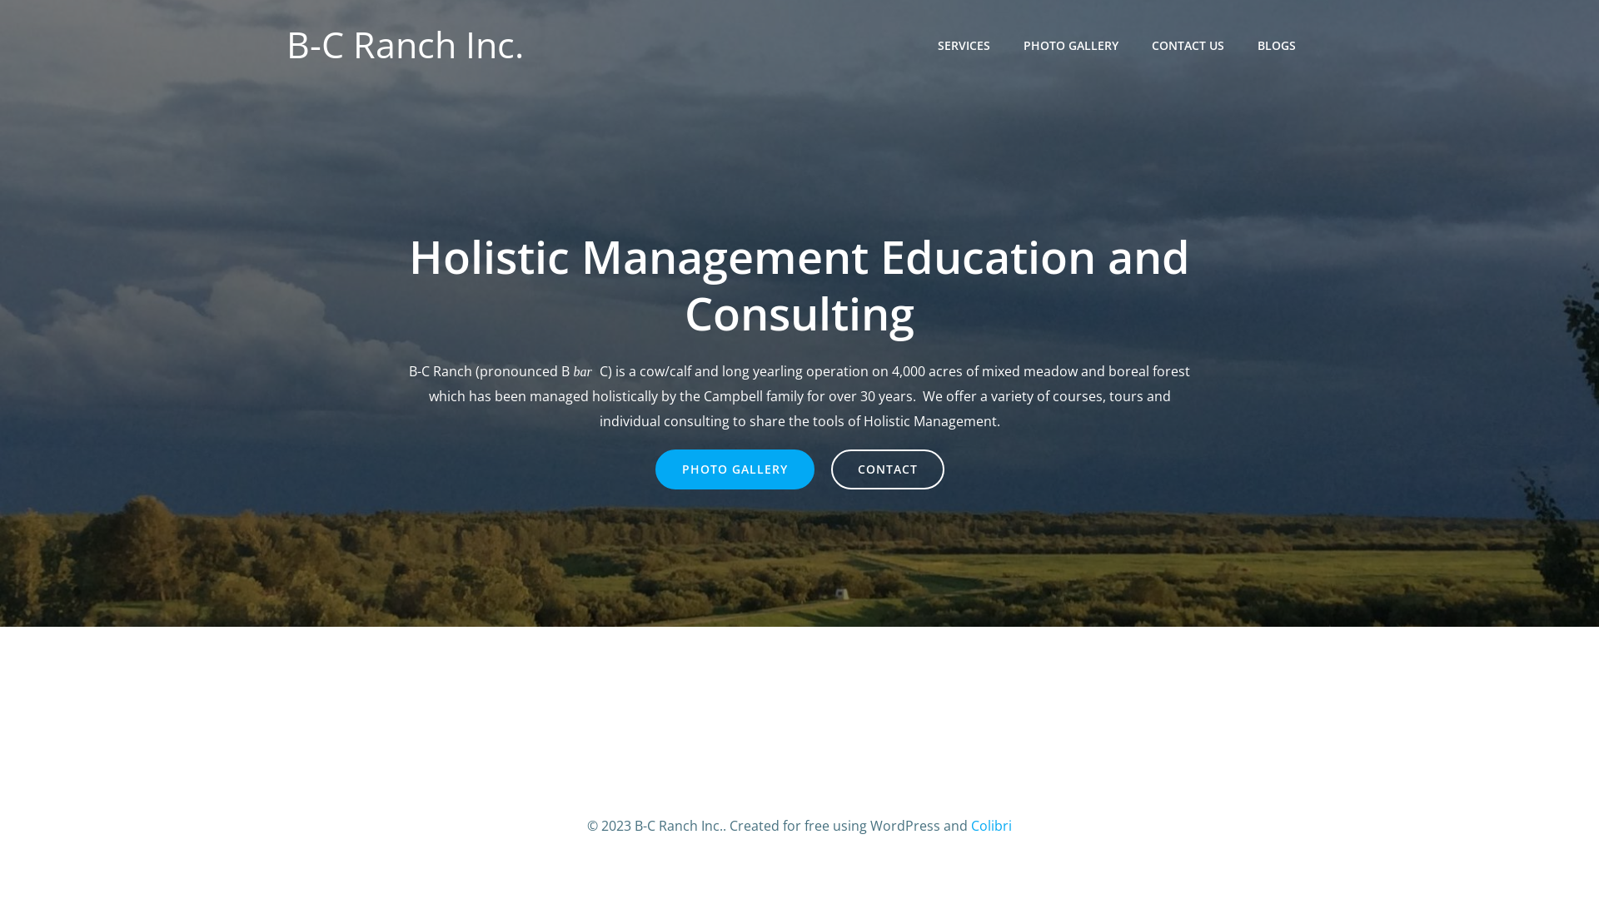 The height and width of the screenshot is (899, 1599). Describe the element at coordinates (1187, 44) in the screenshot. I see `'CONTACT US'` at that location.